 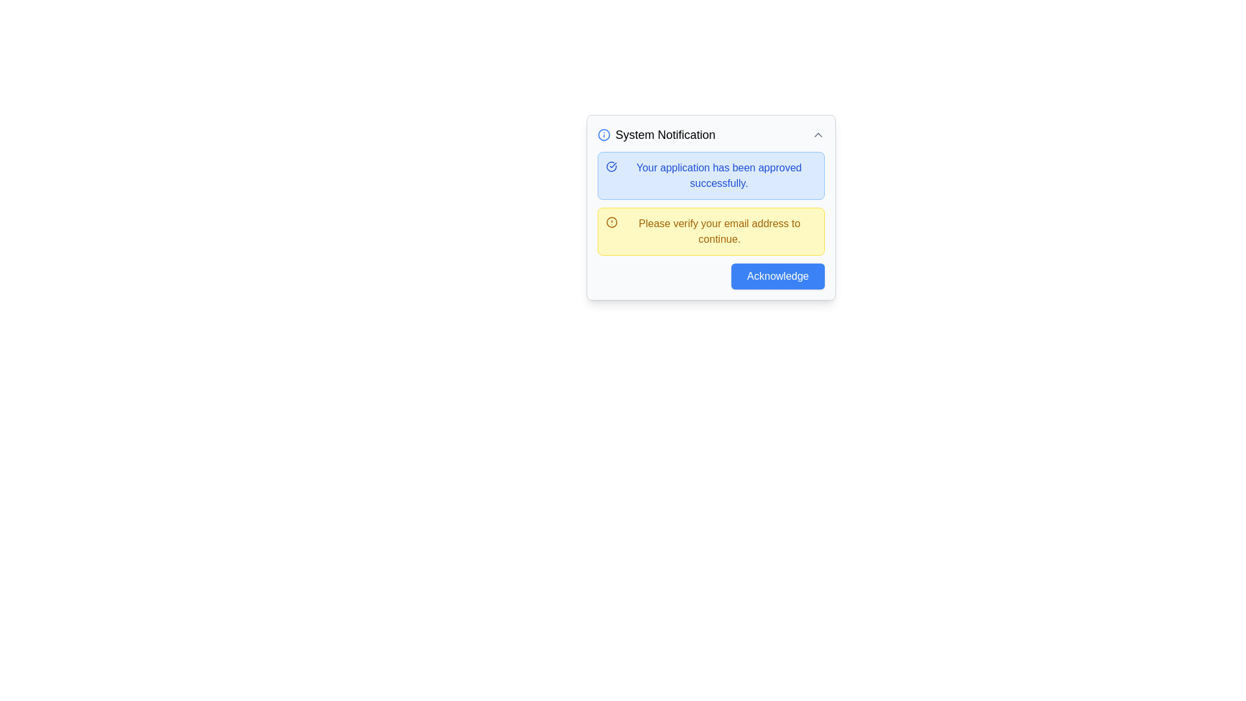 What do you see at coordinates (817, 135) in the screenshot?
I see `the close button located at the far right end of the header of the 'System Notification' component` at bounding box center [817, 135].